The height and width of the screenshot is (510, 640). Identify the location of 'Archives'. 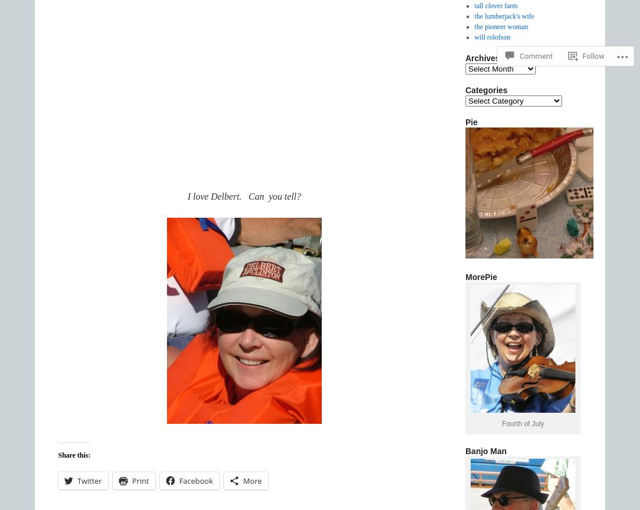
(482, 58).